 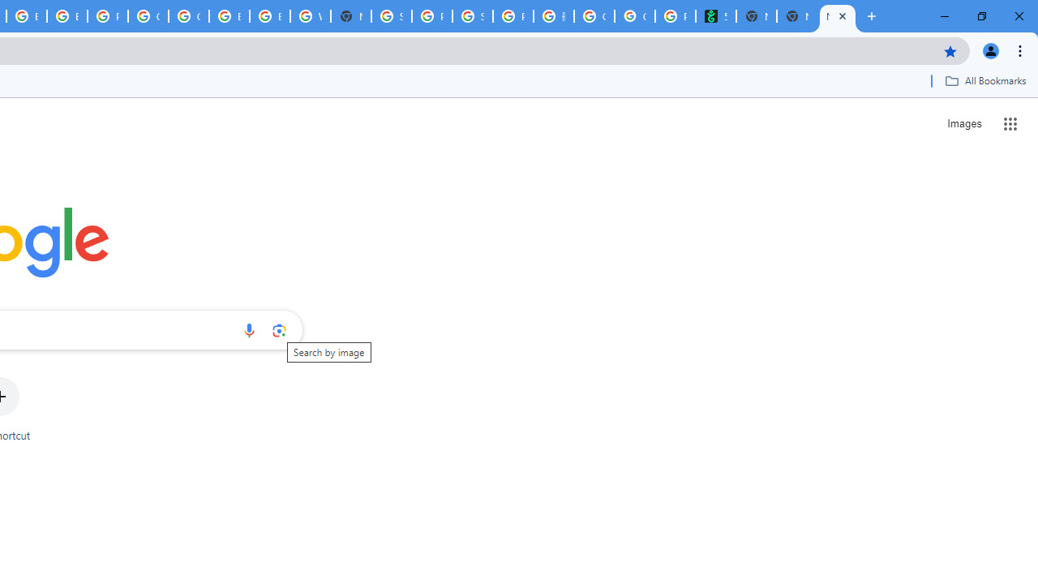 I want to click on 'Sign in - Google Accounts', so click(x=392, y=16).